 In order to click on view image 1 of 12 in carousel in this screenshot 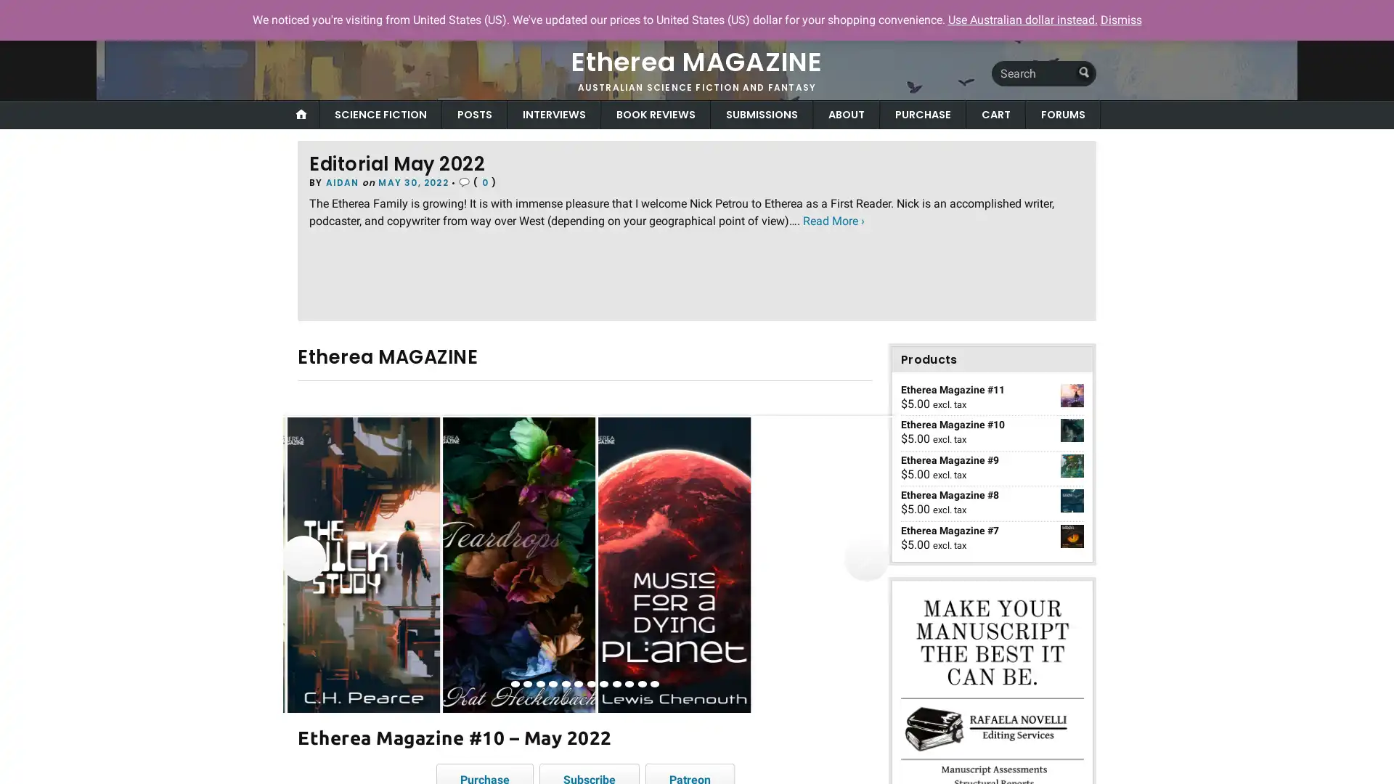, I will do `click(515, 683)`.